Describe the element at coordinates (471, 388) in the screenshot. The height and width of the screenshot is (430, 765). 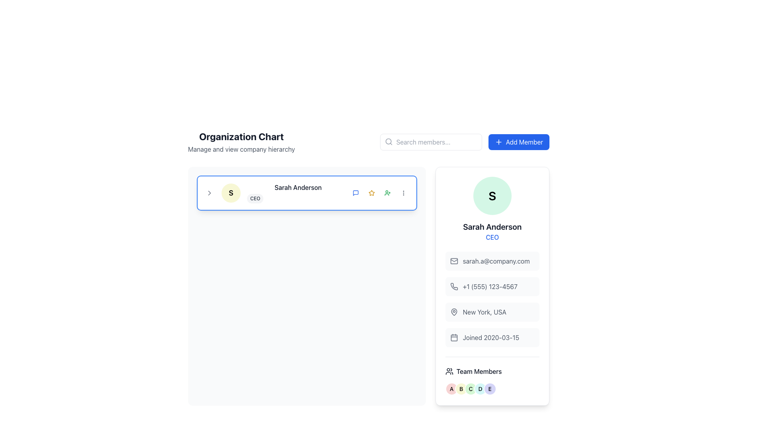
I see `the label or indicator component representing team member 'C', which is the third circular indicator in a horizontal sequence of indicators labeled 'A', 'B', 'C', 'D', and 'E', located within the 'Team Members' section of the user profile` at that location.